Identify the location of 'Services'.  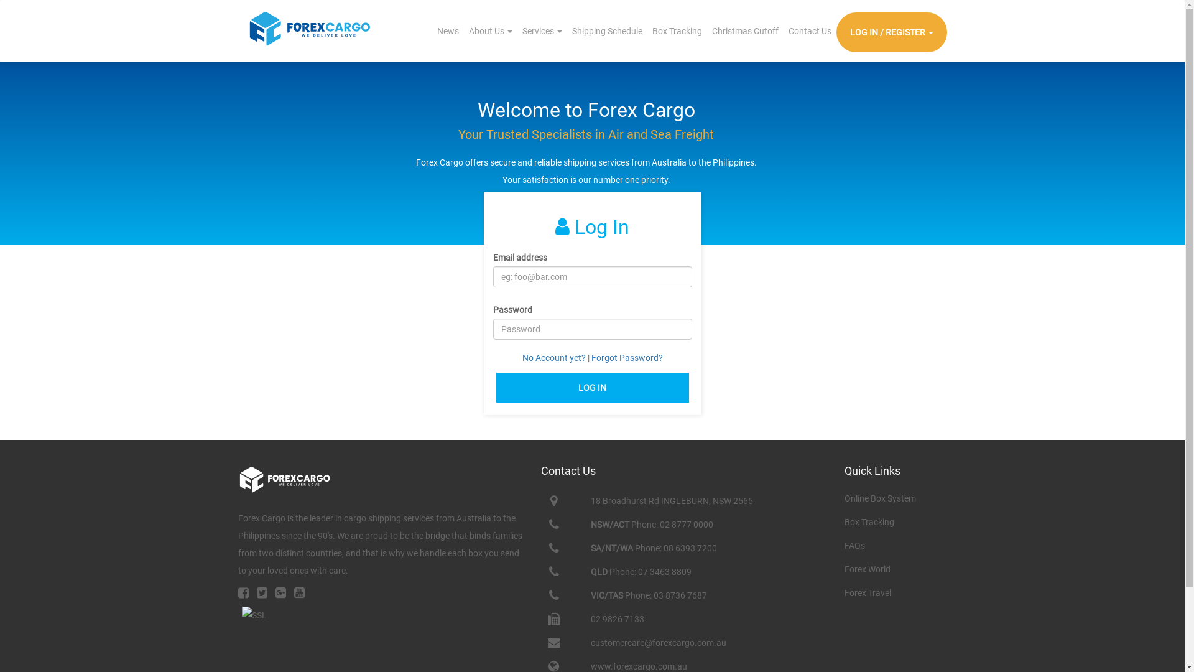
(542, 30).